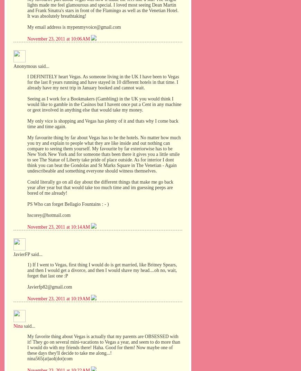 The height and width of the screenshot is (371, 301). I want to click on 'nina565(at)aol(dot)com', so click(49, 358).